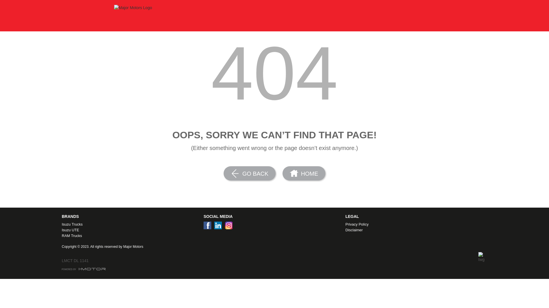  I want to click on 'instagram', so click(230, 226).